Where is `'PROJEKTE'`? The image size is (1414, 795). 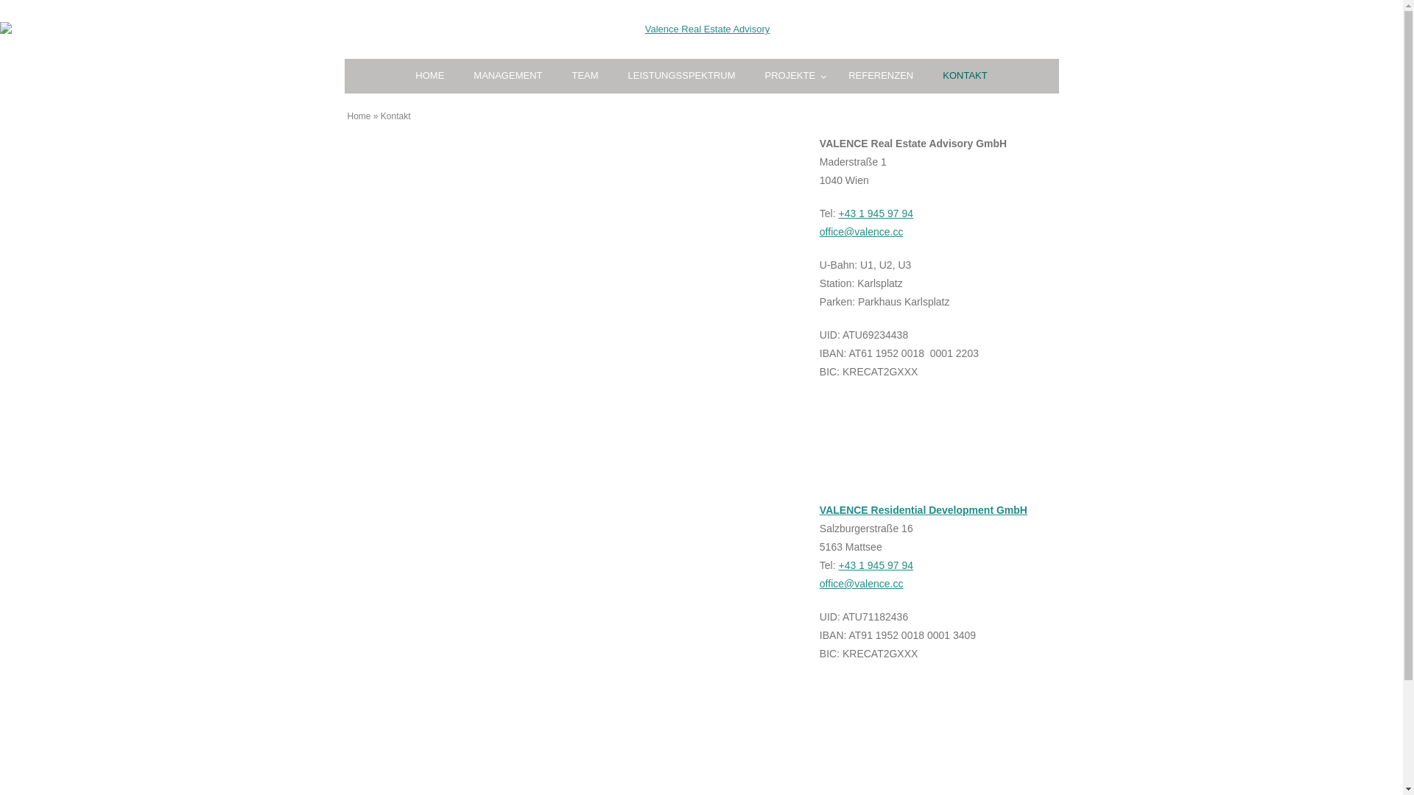 'PROJEKTE' is located at coordinates (791, 76).